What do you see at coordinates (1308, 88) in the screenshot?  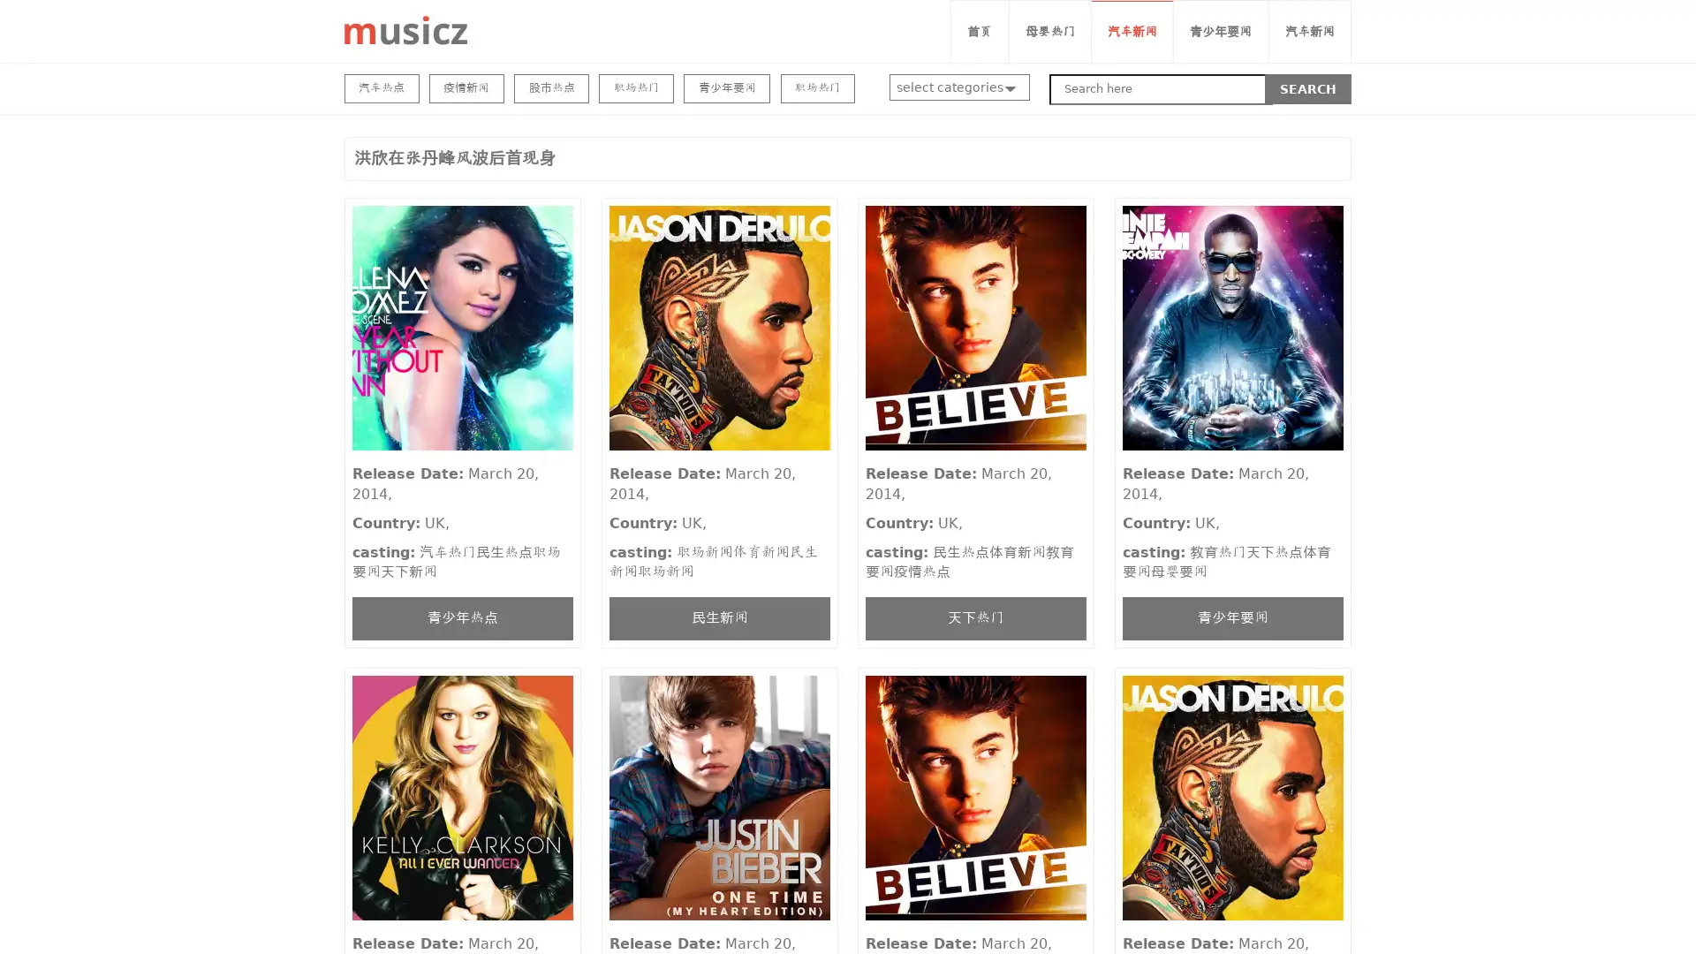 I see `search` at bounding box center [1308, 88].